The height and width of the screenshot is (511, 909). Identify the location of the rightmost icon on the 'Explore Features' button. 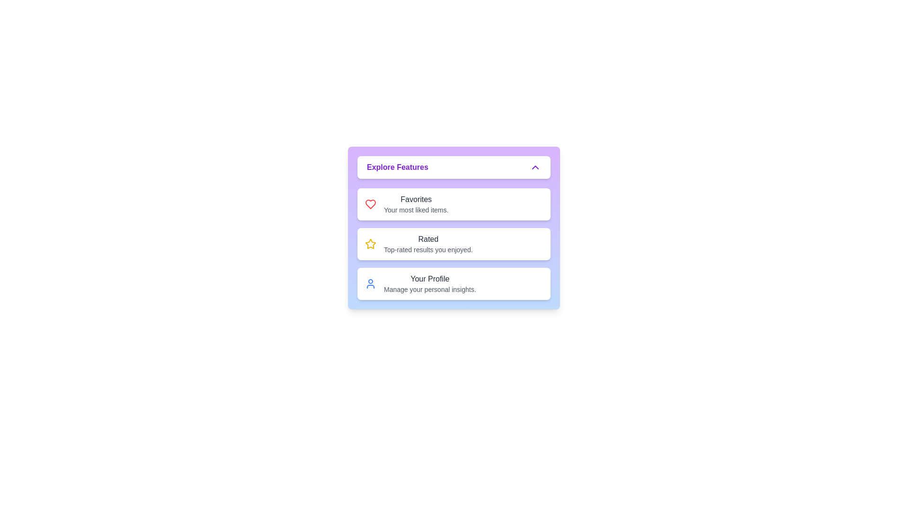
(535, 167).